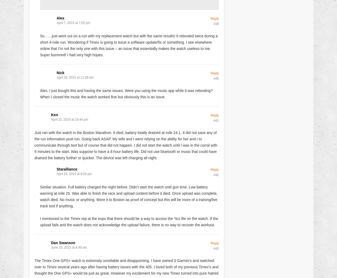  Describe the element at coordinates (213, 23) in the screenshot. I see `'#39'` at that location.